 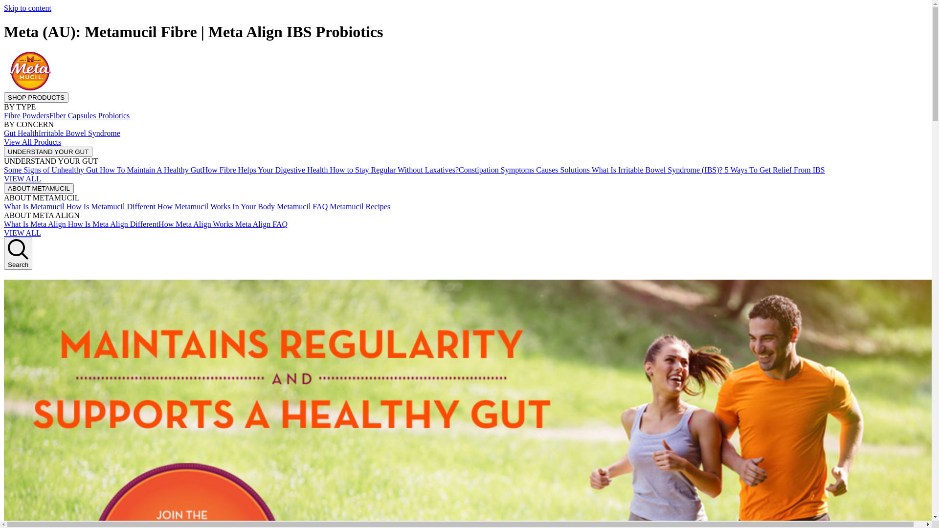 What do you see at coordinates (656, 169) in the screenshot?
I see `'What Is Irritable Bowel Syndrome (IBS)?'` at bounding box center [656, 169].